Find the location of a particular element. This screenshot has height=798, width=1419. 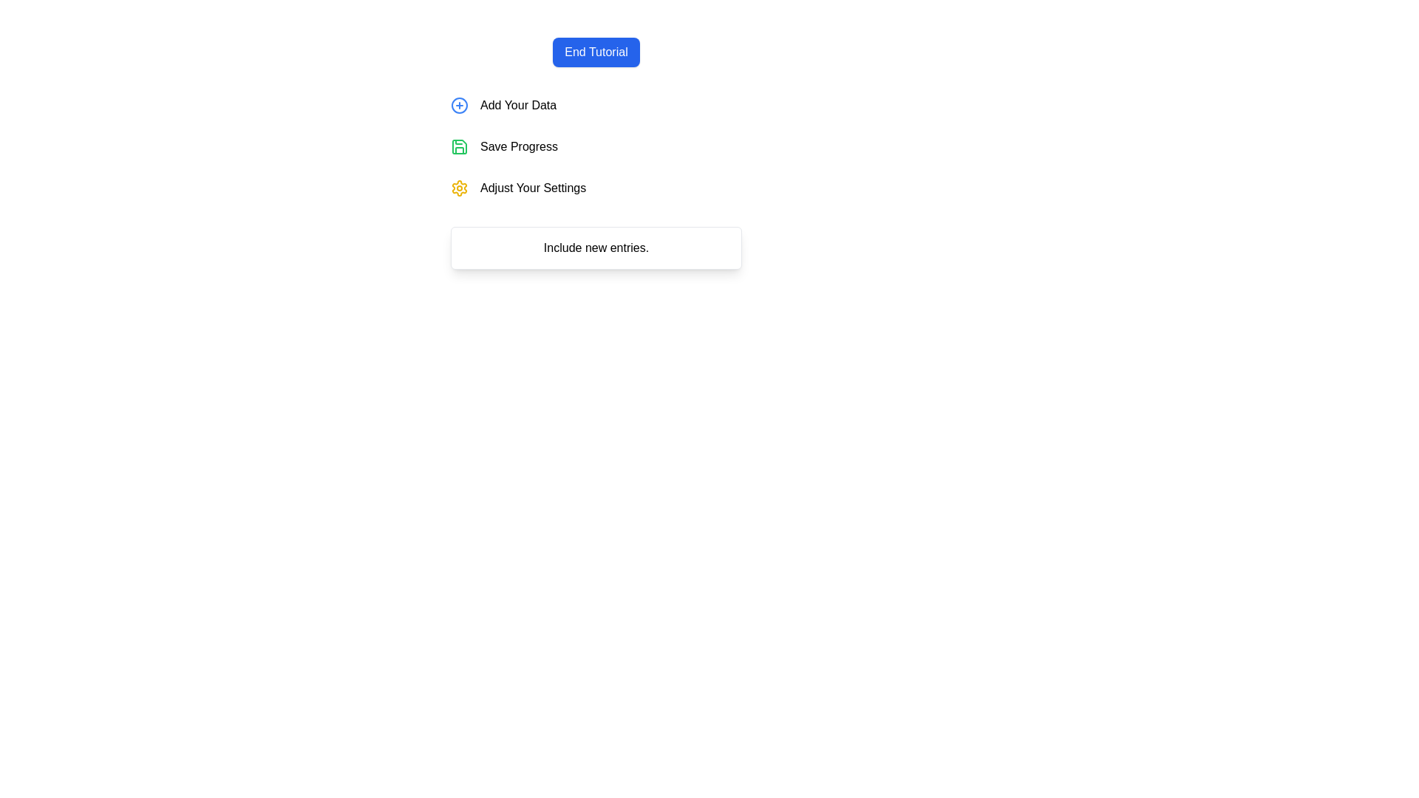

the 'Add Item' button located to the left of the text 'Add Your Data' is located at coordinates (459, 104).